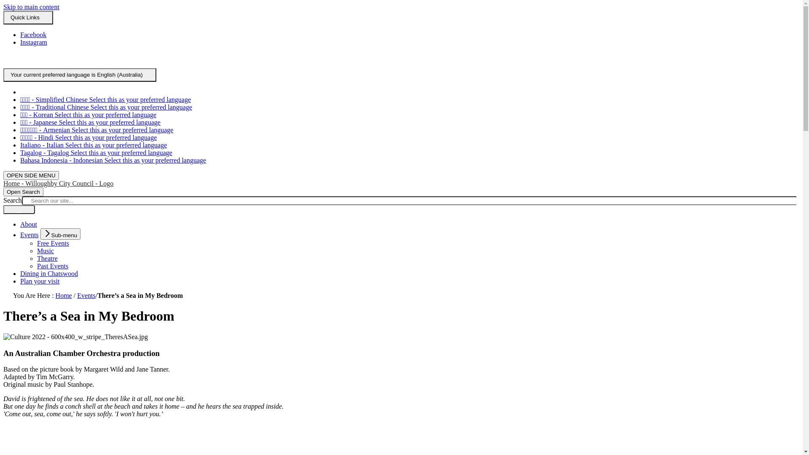 The width and height of the screenshot is (809, 455). What do you see at coordinates (33, 34) in the screenshot?
I see `'Facebook'` at bounding box center [33, 34].